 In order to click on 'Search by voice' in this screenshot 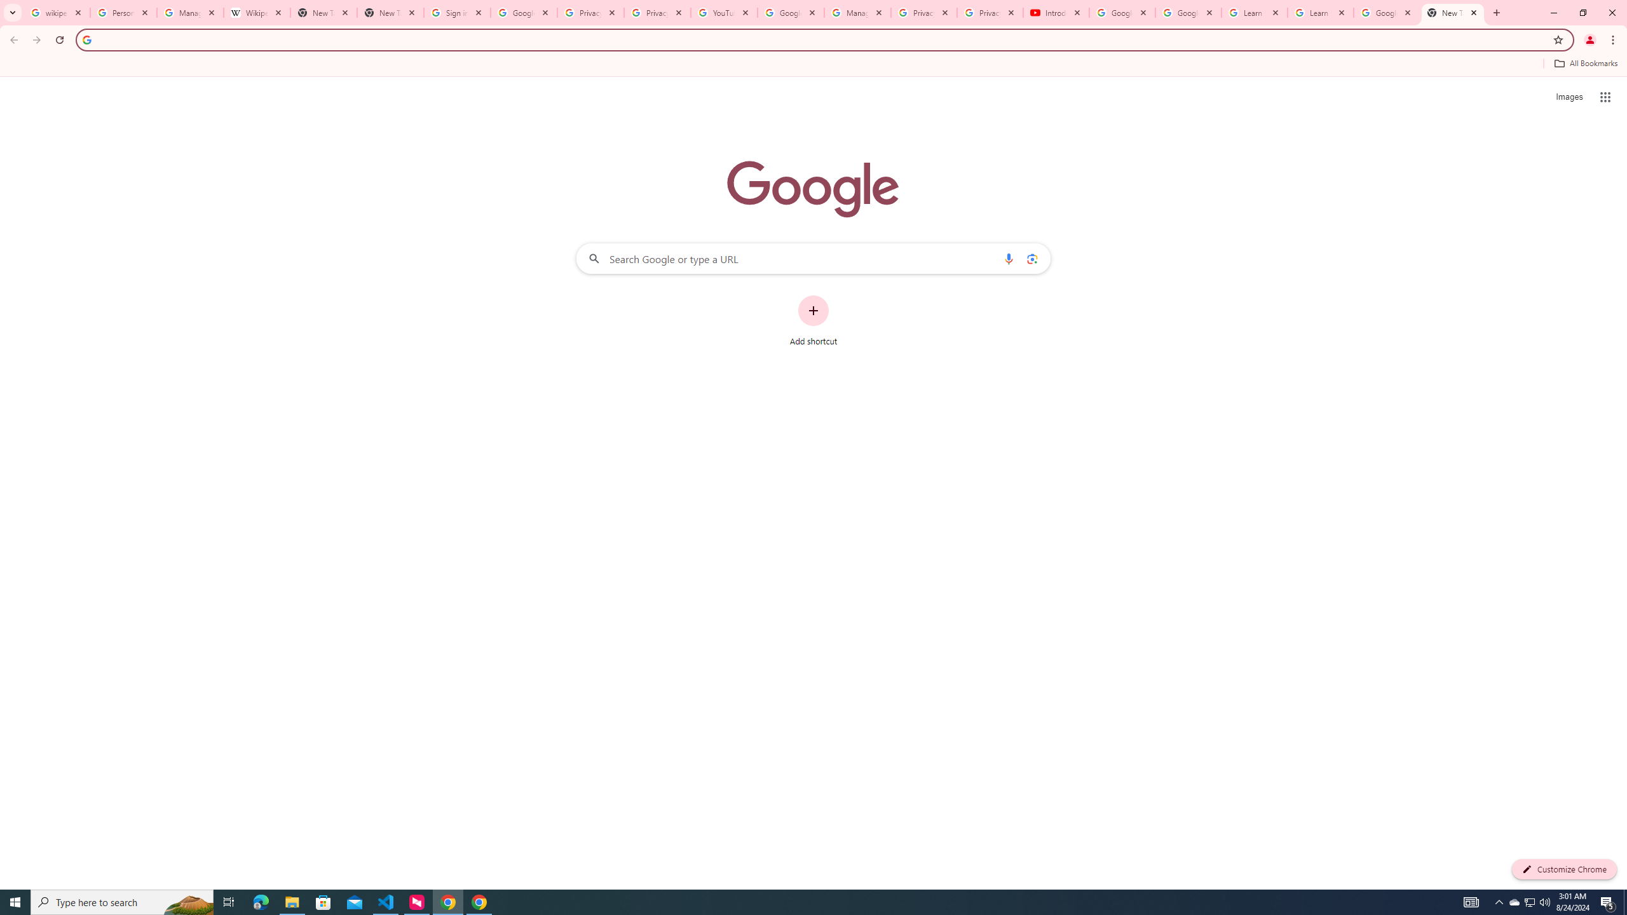, I will do `click(1008, 257)`.